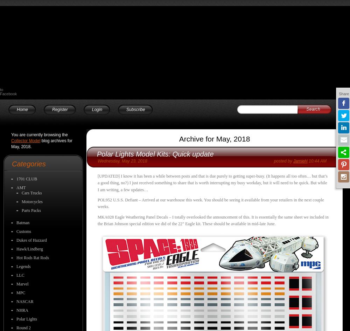 The height and width of the screenshot is (331, 350). What do you see at coordinates (210, 203) in the screenshot?
I see `'POL952 U.S.S. Defiant – Arrived at our warehouse this week. You should be seeing it available from your retailers in the next couple weeks.'` at bounding box center [210, 203].